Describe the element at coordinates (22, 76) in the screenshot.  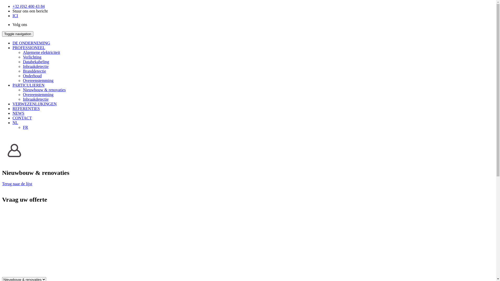
I see `'Onderhoud'` at that location.